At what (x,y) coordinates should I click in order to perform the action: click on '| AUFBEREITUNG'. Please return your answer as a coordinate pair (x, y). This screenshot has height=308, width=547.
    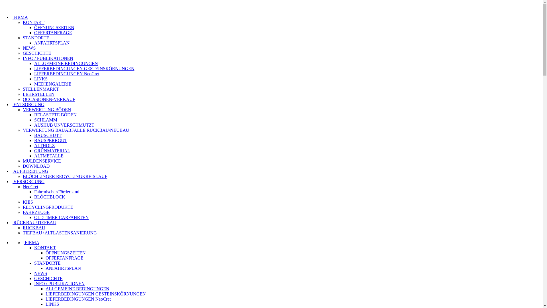
    Looking at the image, I should click on (11, 171).